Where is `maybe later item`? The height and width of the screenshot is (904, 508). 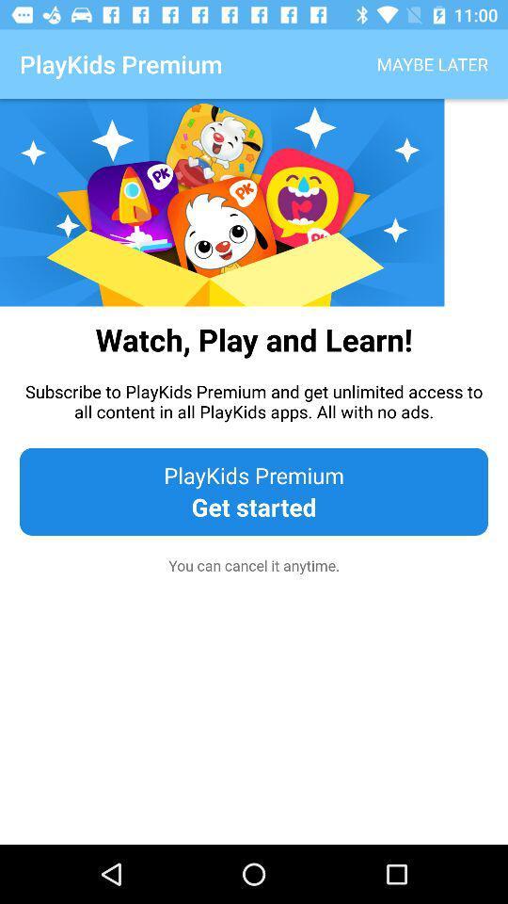 maybe later item is located at coordinates (432, 64).